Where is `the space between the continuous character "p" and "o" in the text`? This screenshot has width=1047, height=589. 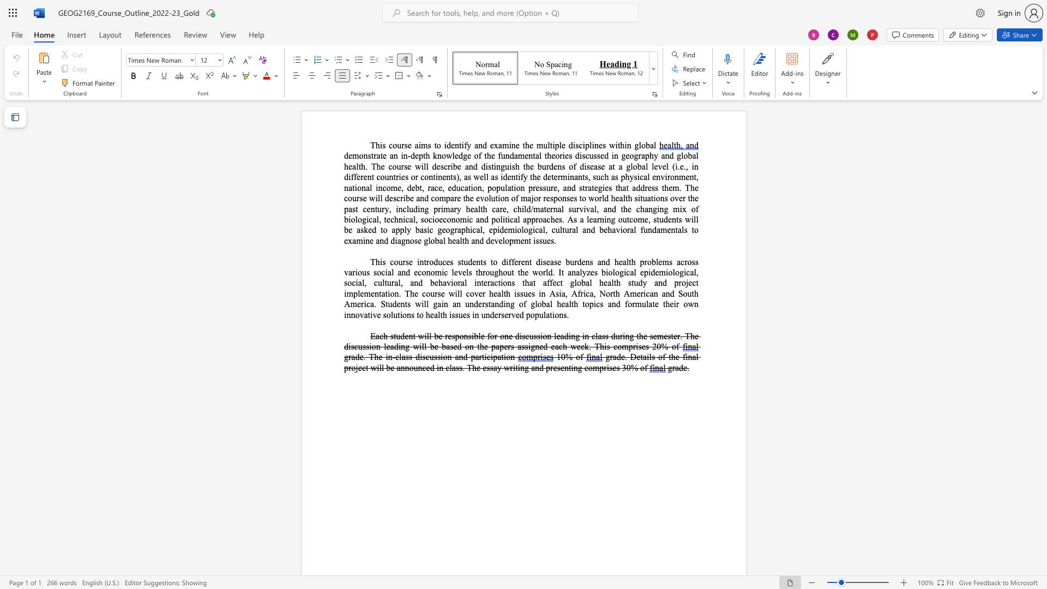 the space between the continuous character "p" and "o" in the text is located at coordinates (459, 335).